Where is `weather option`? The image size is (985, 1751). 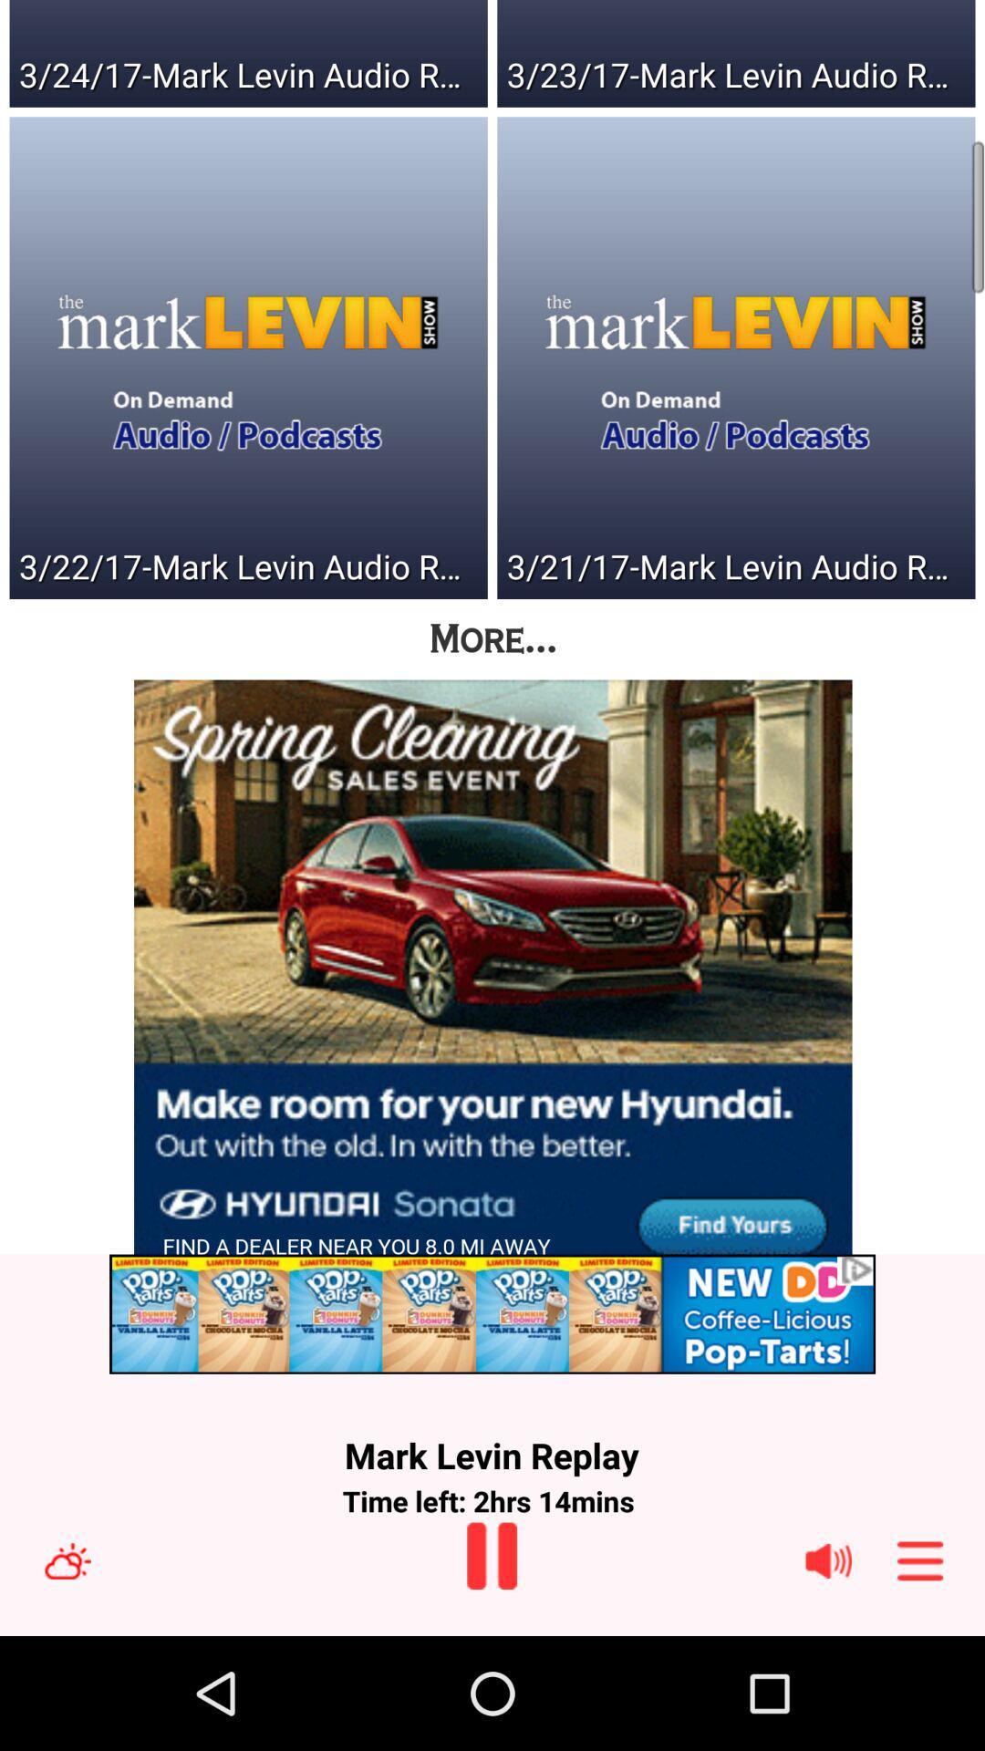 weather option is located at coordinates (67, 1559).